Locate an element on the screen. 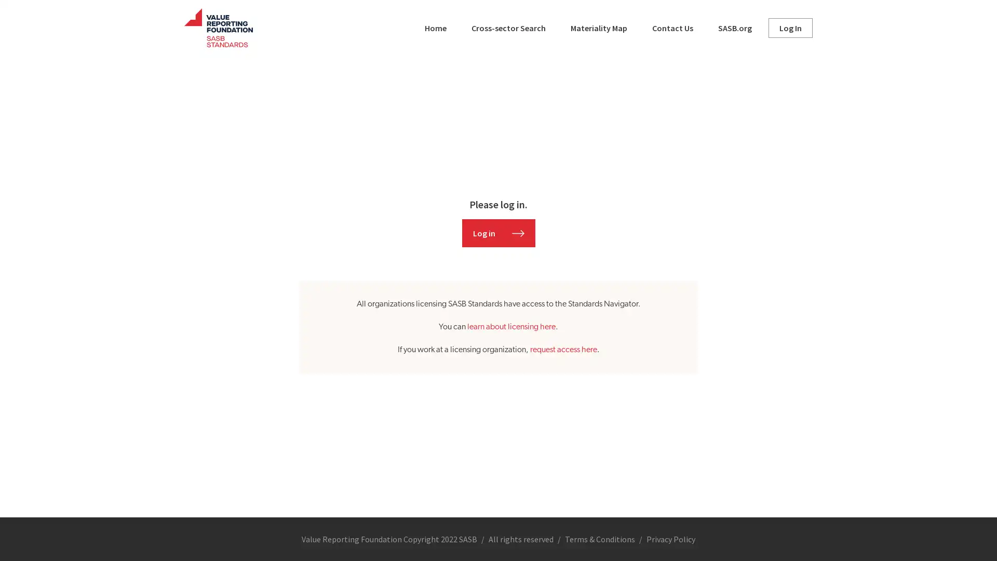 This screenshot has width=997, height=561. Log In is located at coordinates (790, 27).